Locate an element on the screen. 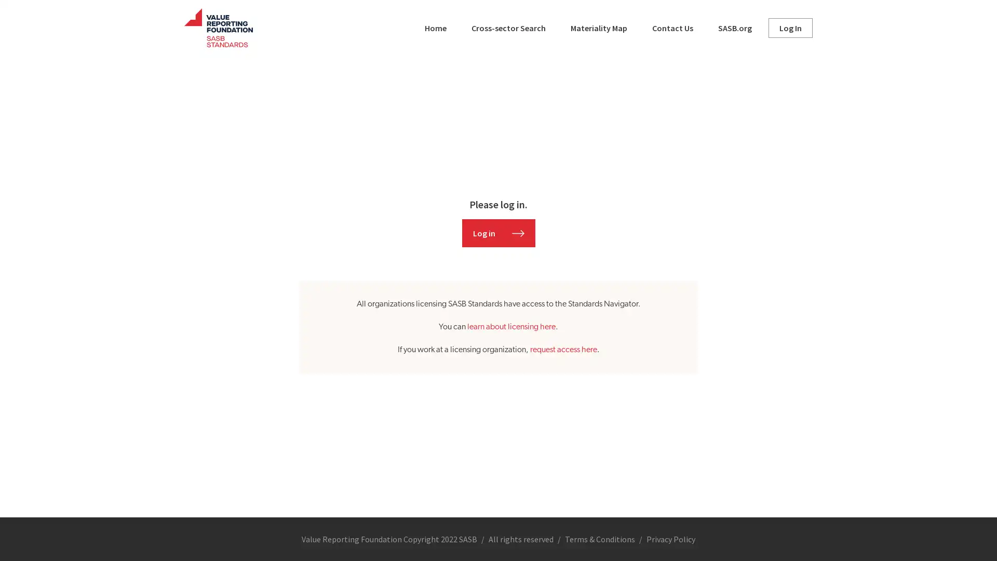 This screenshot has width=997, height=561. Log In is located at coordinates (790, 27).